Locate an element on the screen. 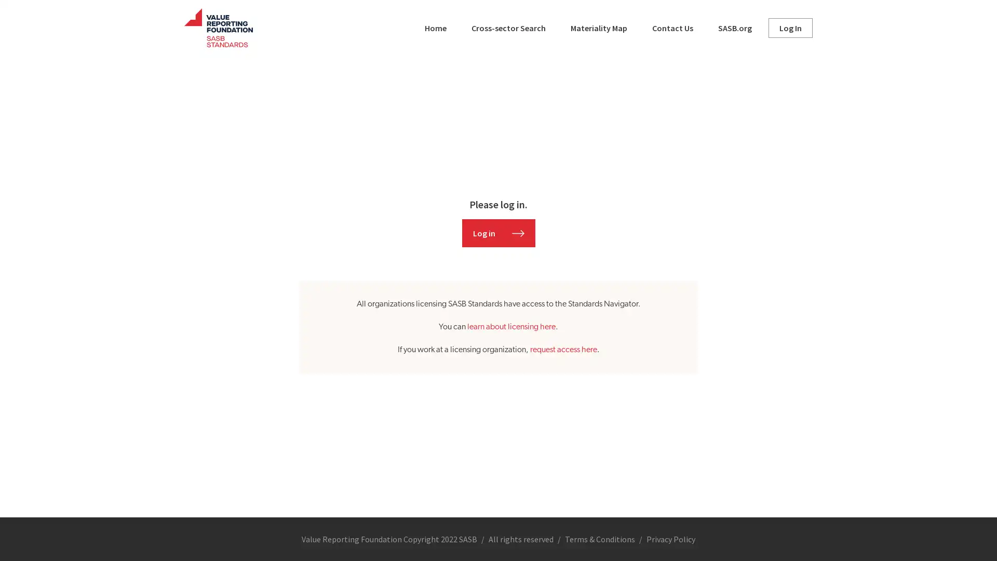 This screenshot has width=997, height=561. Log In is located at coordinates (790, 27).